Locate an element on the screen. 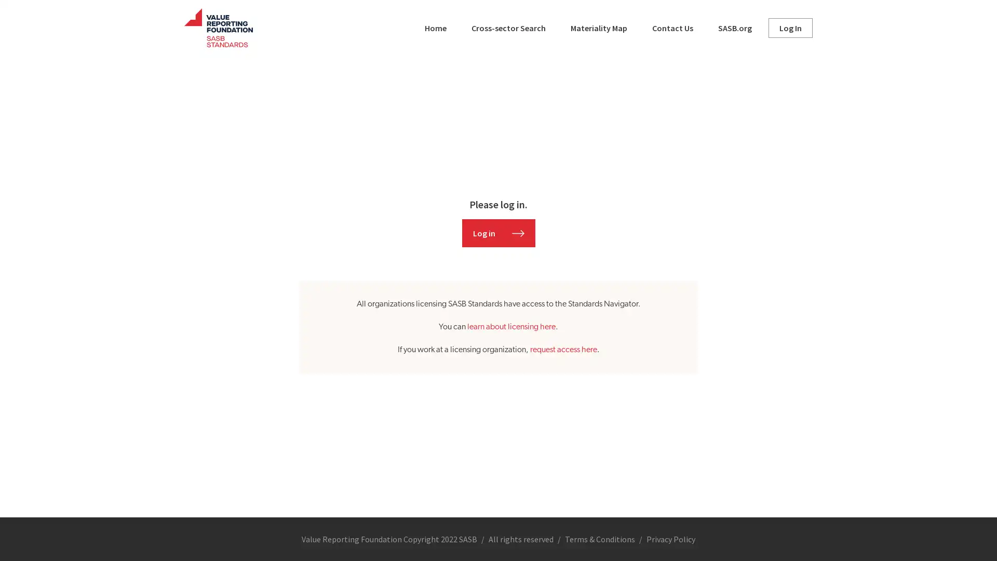 This screenshot has width=997, height=561. Log In is located at coordinates (790, 27).